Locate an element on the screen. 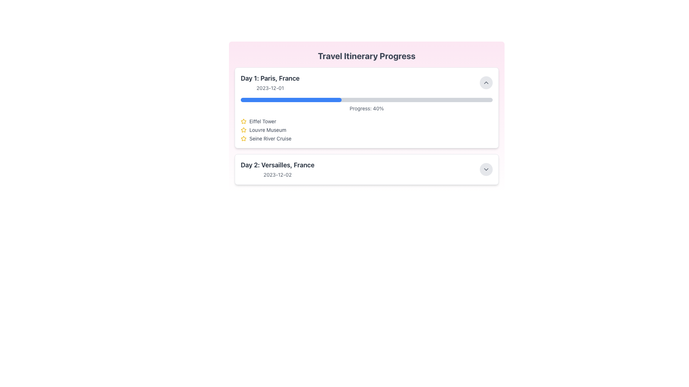  the second entry in the list, which represents the Louvre Museum is located at coordinates (367, 130).